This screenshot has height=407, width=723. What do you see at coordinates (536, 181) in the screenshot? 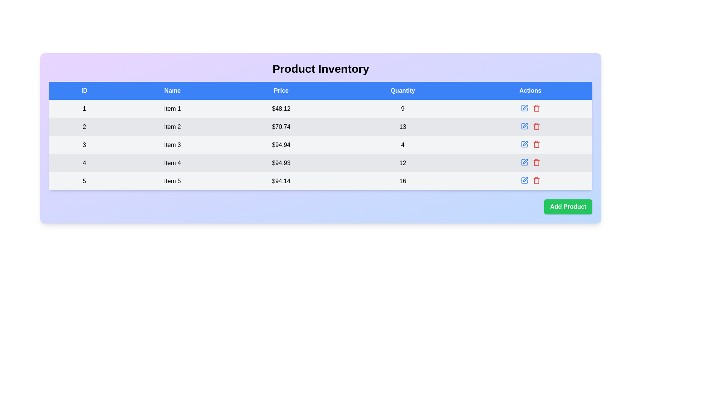
I see `the delete icon in the last row of the 'Actions' column in the 'Product Inventory' table` at bounding box center [536, 181].